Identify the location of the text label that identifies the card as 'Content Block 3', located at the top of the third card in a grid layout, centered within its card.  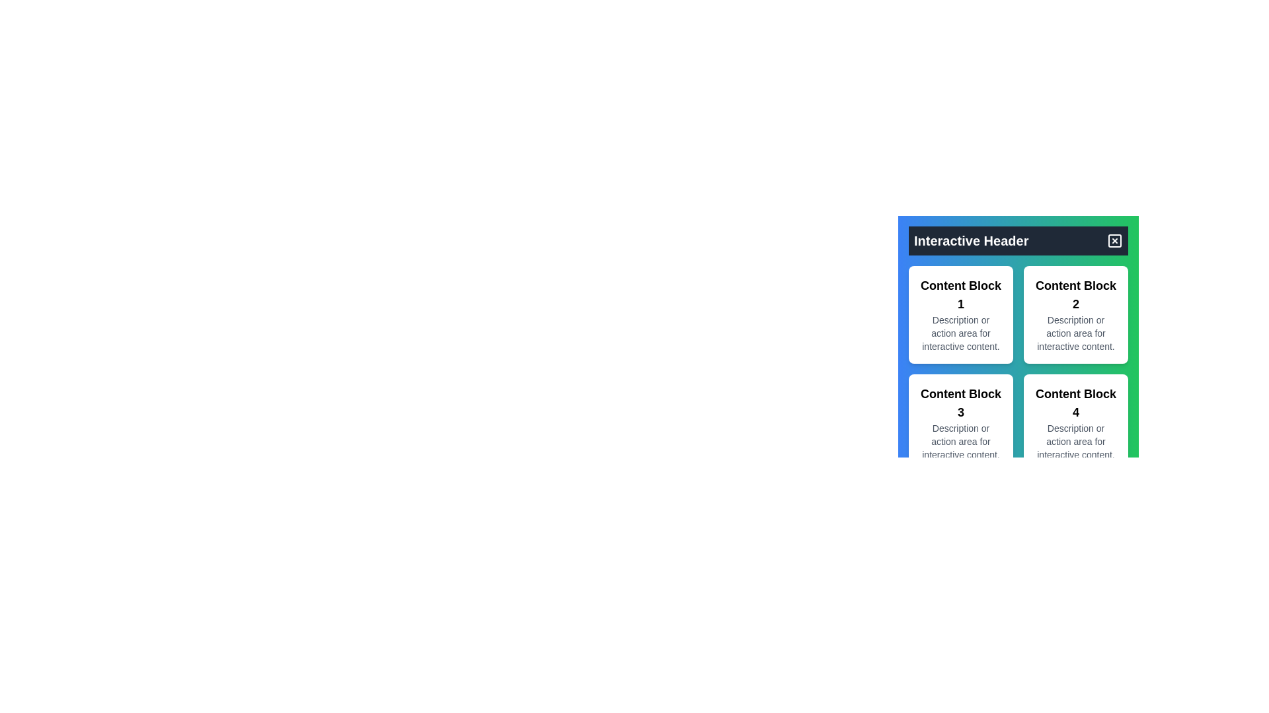
(961, 402).